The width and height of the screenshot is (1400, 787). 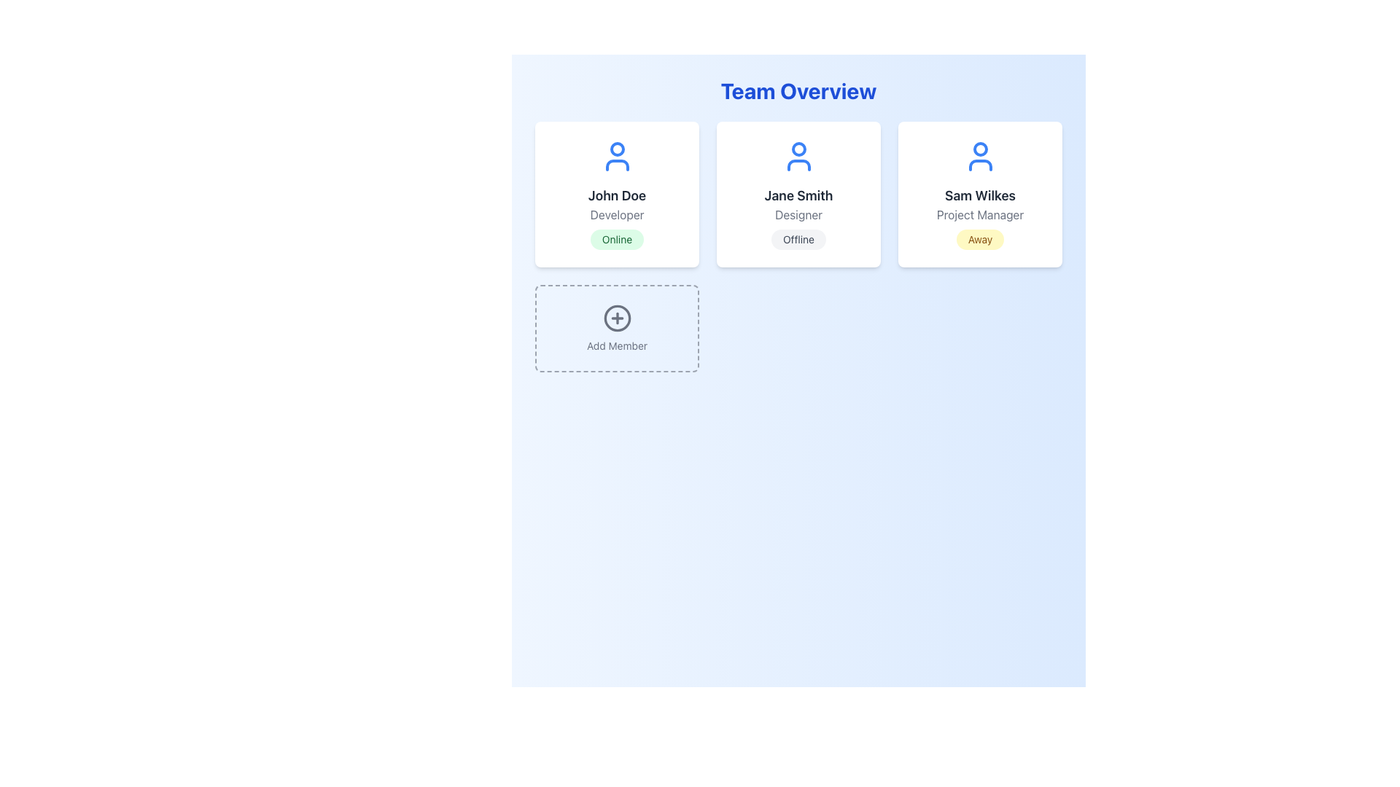 What do you see at coordinates (617, 317) in the screenshot?
I see `the 'Add Member' icon button located in the bottom-left quadrant of the main interface` at bounding box center [617, 317].